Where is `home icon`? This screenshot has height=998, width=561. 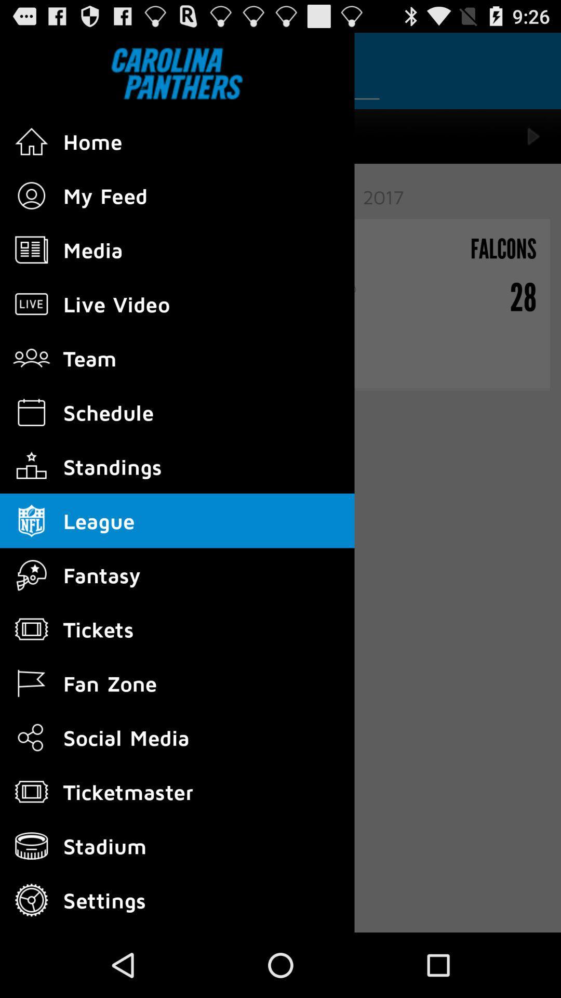 home icon is located at coordinates (31, 141).